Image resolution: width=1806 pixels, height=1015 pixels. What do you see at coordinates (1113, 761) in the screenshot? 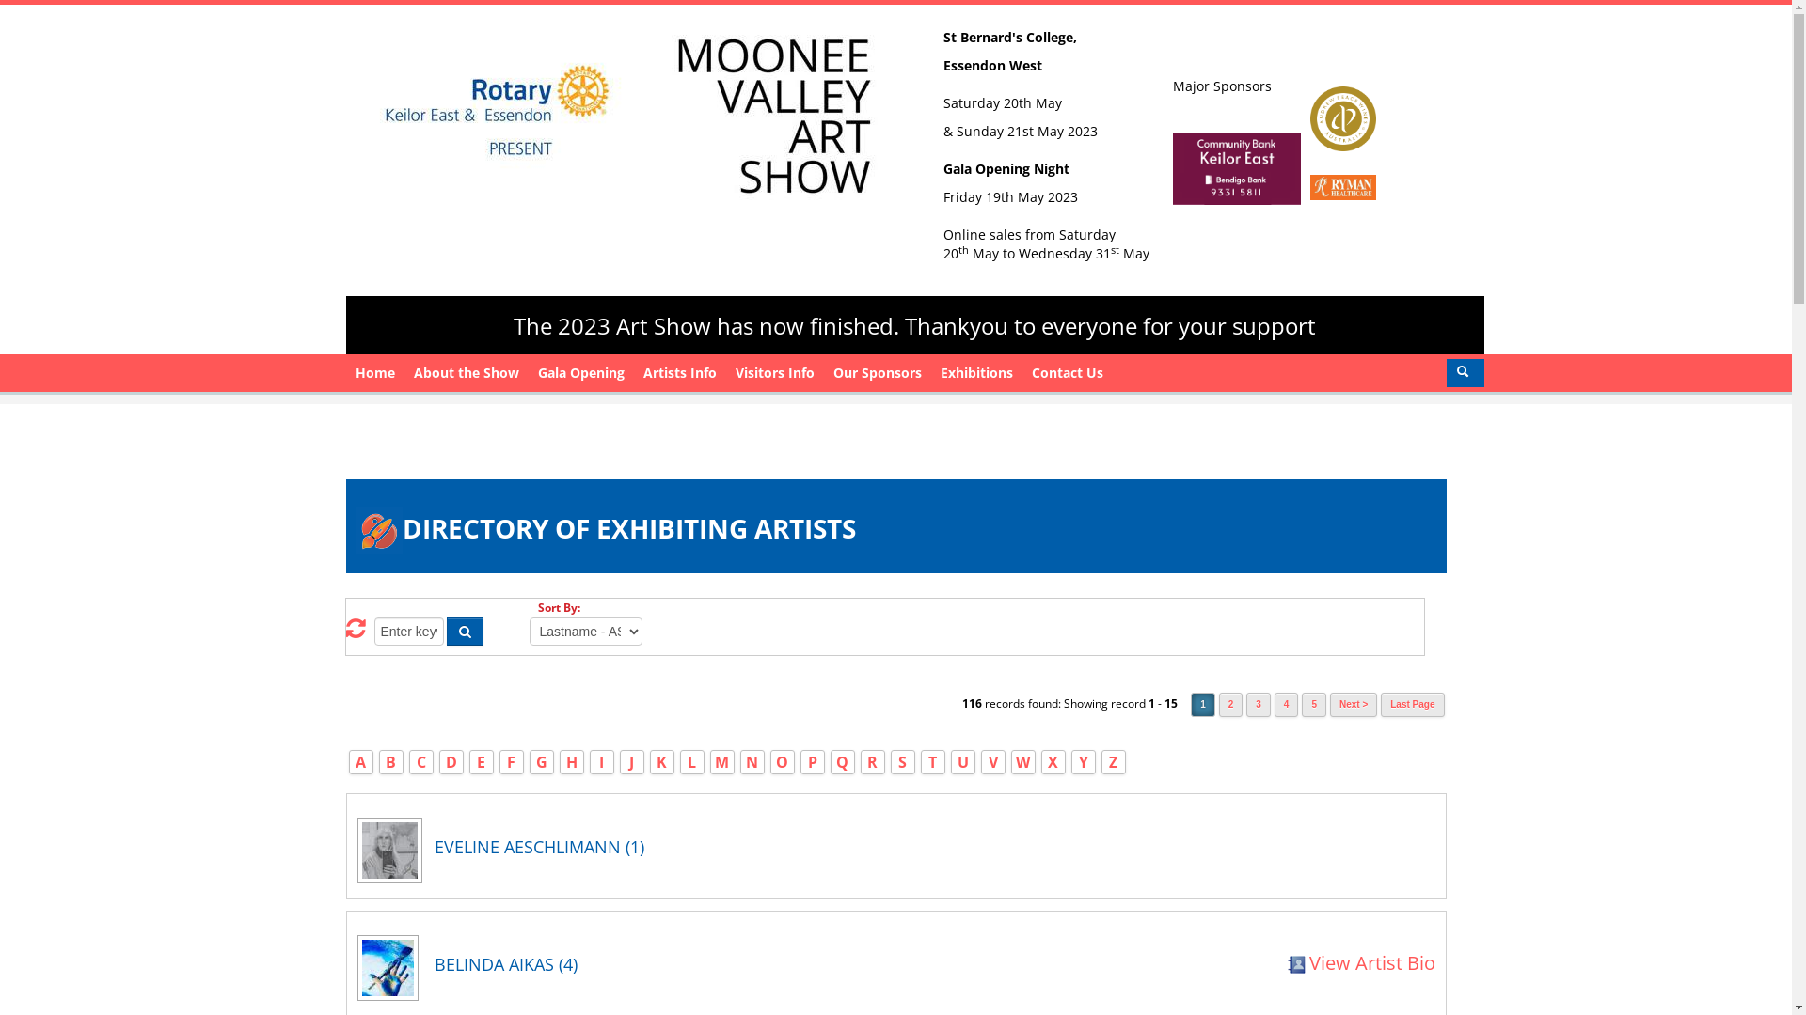
I see `'Z'` at bounding box center [1113, 761].